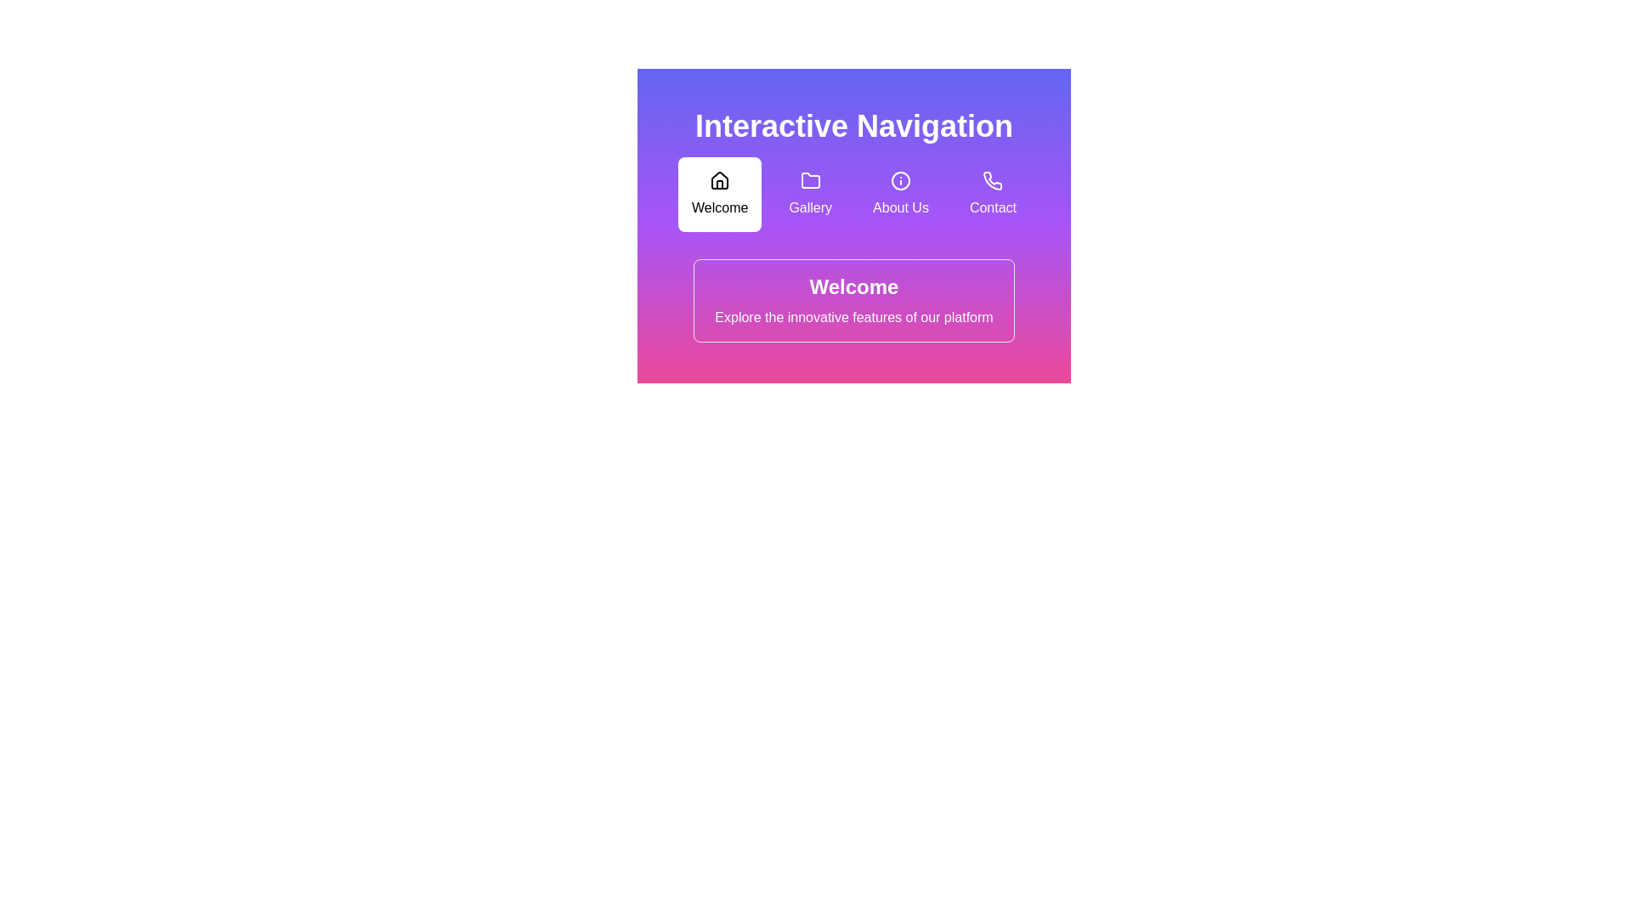  Describe the element at coordinates (720, 180) in the screenshot. I see `the 'Home' or 'Welcome' icon located in the upper-left of the navigation menu, which serves as a symbol for navigating to the main section of the interface` at that location.